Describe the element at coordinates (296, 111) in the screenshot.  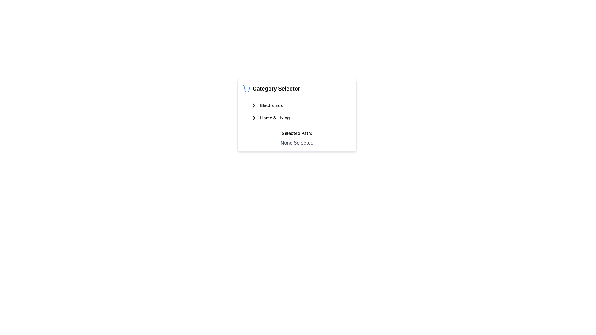
I see `the second list item labeled 'Home & Living' which is part of a vertically stacked list containing 'Electronics' and 'Home & Living'` at that location.